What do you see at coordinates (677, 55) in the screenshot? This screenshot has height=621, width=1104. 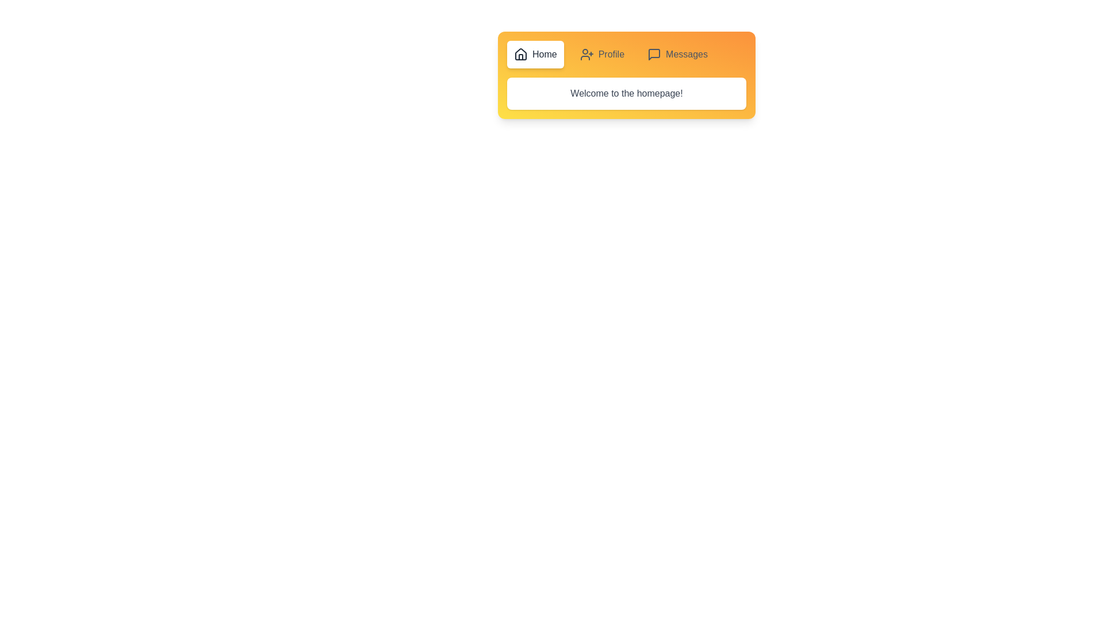 I see `the Messages tab by clicking on its respective button` at bounding box center [677, 55].